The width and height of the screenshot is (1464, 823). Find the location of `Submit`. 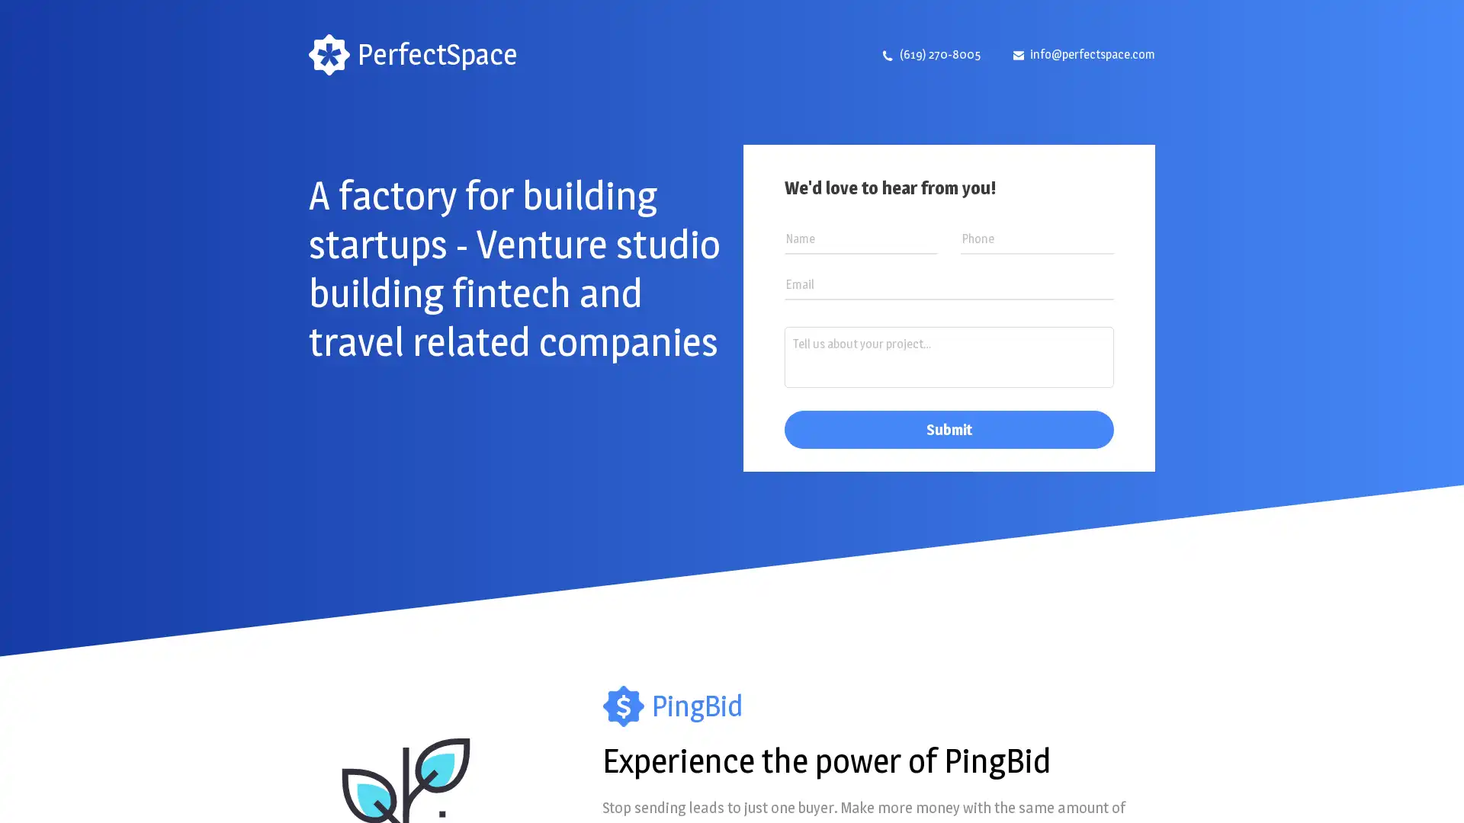

Submit is located at coordinates (948, 429).